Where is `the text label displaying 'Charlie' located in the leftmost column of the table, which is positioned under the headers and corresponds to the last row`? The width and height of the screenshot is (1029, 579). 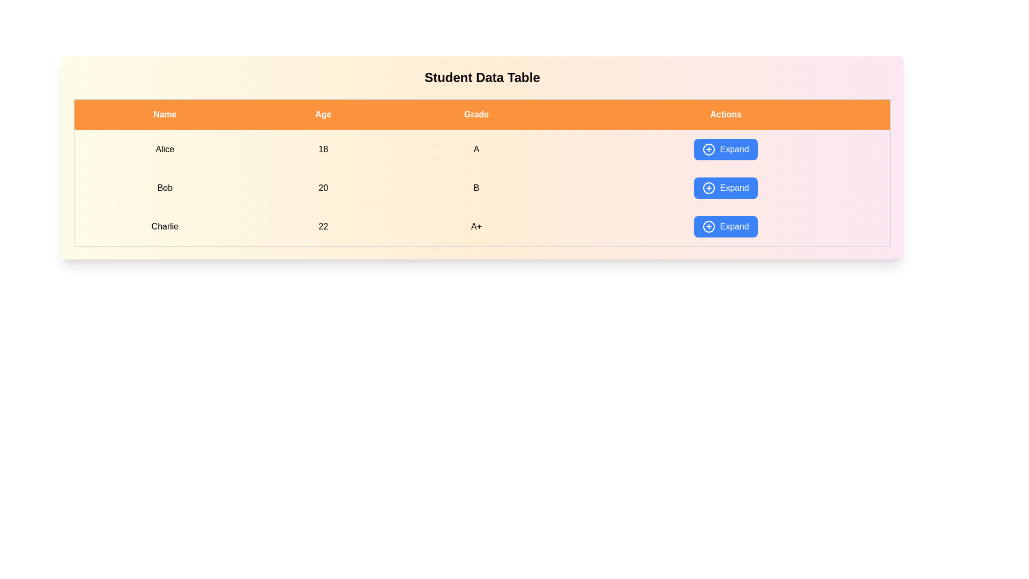
the text label displaying 'Charlie' located in the leftmost column of the table, which is positioned under the headers and corresponds to the last row is located at coordinates (164, 226).